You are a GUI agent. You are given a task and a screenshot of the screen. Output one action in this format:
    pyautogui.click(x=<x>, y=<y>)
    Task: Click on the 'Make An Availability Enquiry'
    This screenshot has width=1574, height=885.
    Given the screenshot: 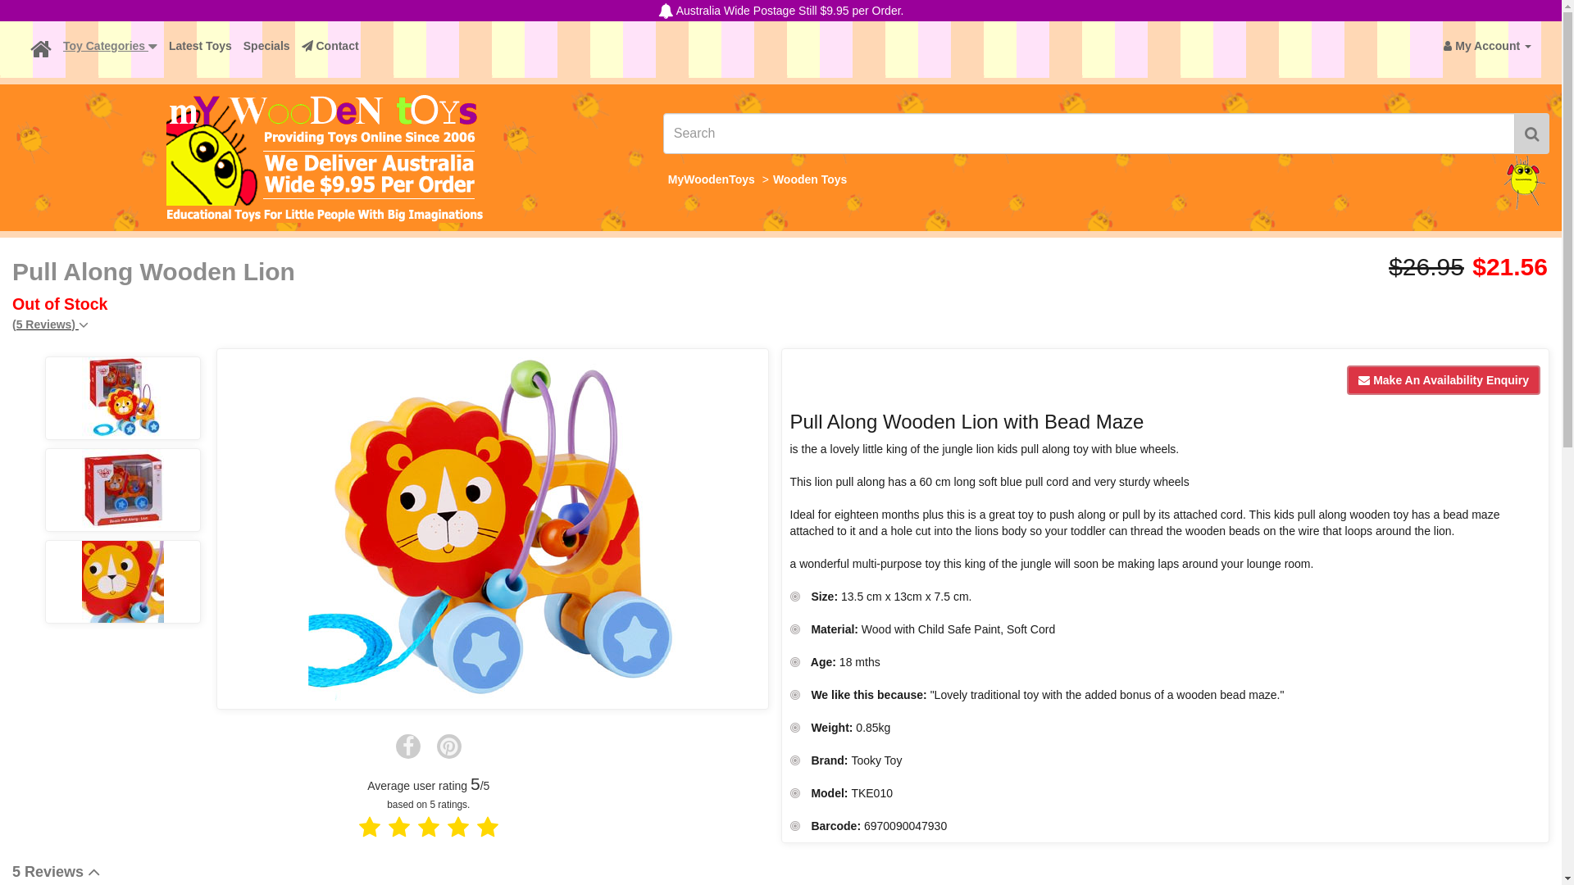 What is the action you would take?
    pyautogui.click(x=1346, y=379)
    